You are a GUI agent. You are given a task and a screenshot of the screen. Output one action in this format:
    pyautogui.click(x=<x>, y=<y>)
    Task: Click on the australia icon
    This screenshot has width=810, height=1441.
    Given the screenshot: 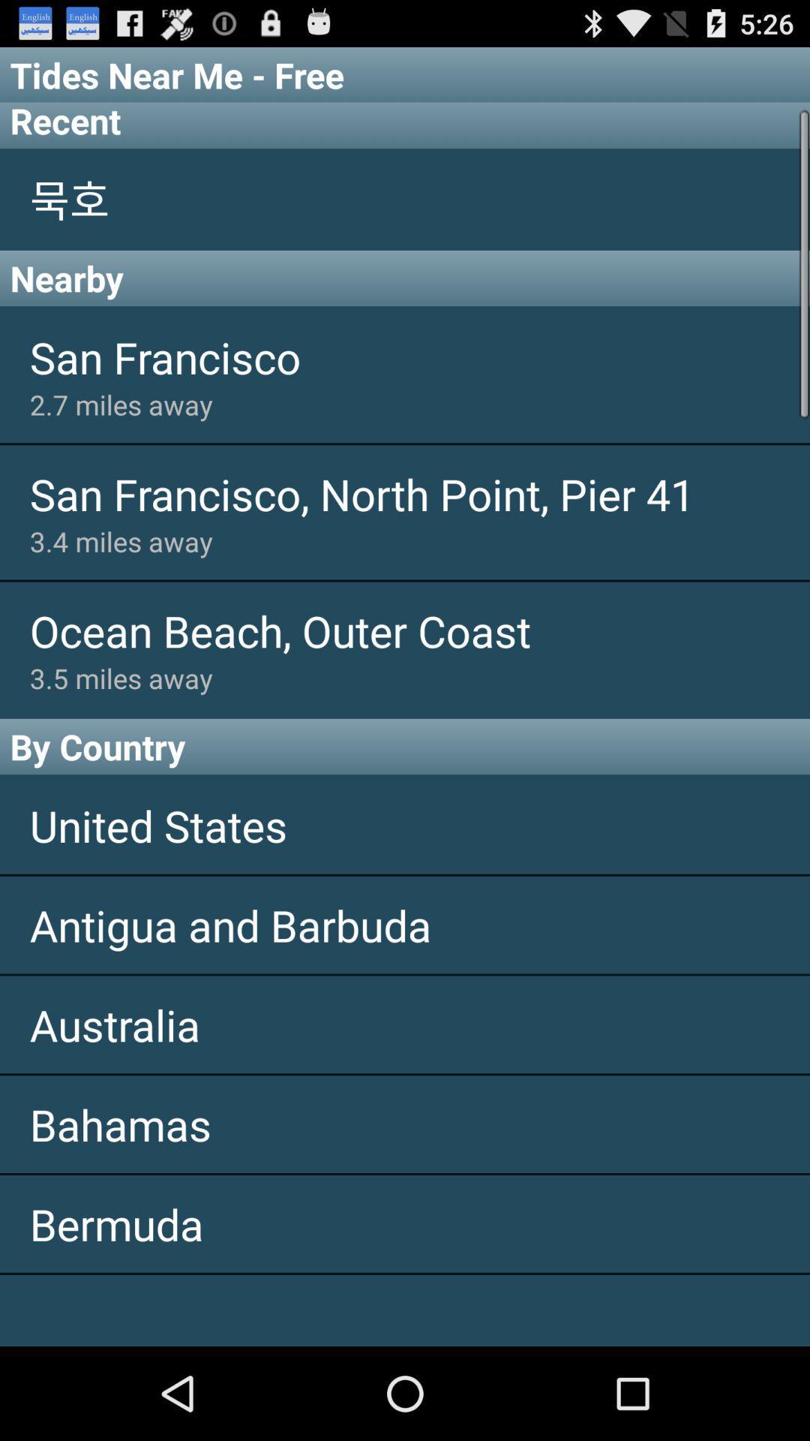 What is the action you would take?
    pyautogui.click(x=405, y=1024)
    